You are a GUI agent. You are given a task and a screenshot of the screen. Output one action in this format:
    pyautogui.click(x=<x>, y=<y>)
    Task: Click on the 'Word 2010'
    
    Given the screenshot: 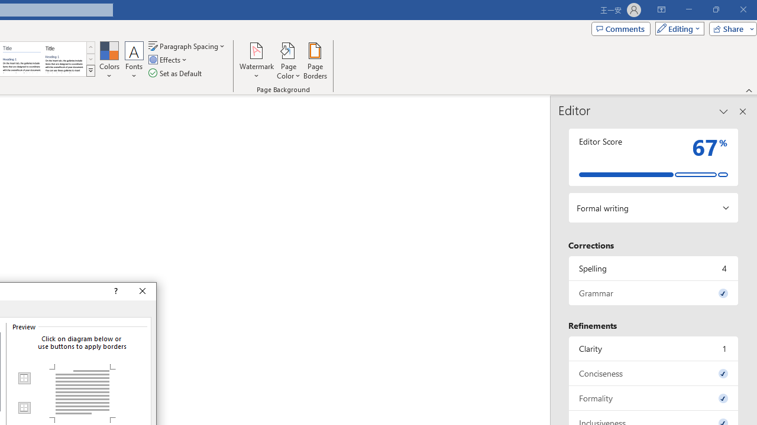 What is the action you would take?
    pyautogui.click(x=22, y=59)
    